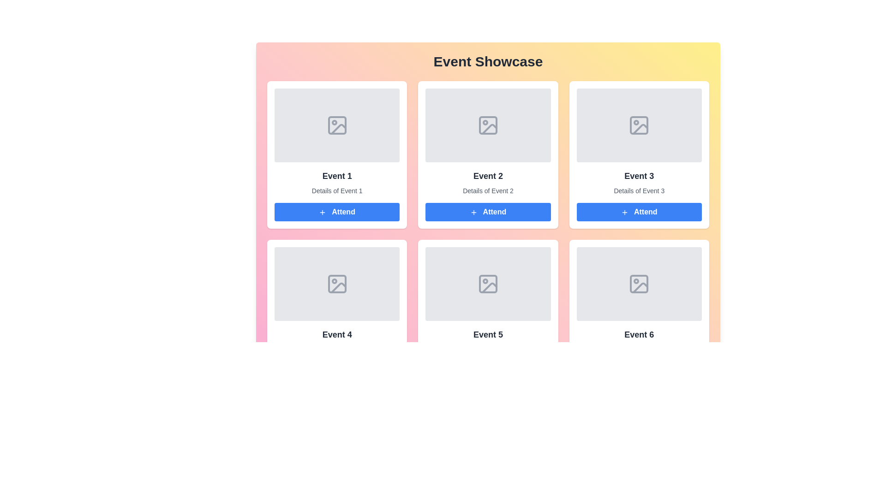  What do you see at coordinates (639, 212) in the screenshot?
I see `the blue button labeled 'Attend' with a plus icon, located in the bottom section of the 'Event 3' card` at bounding box center [639, 212].